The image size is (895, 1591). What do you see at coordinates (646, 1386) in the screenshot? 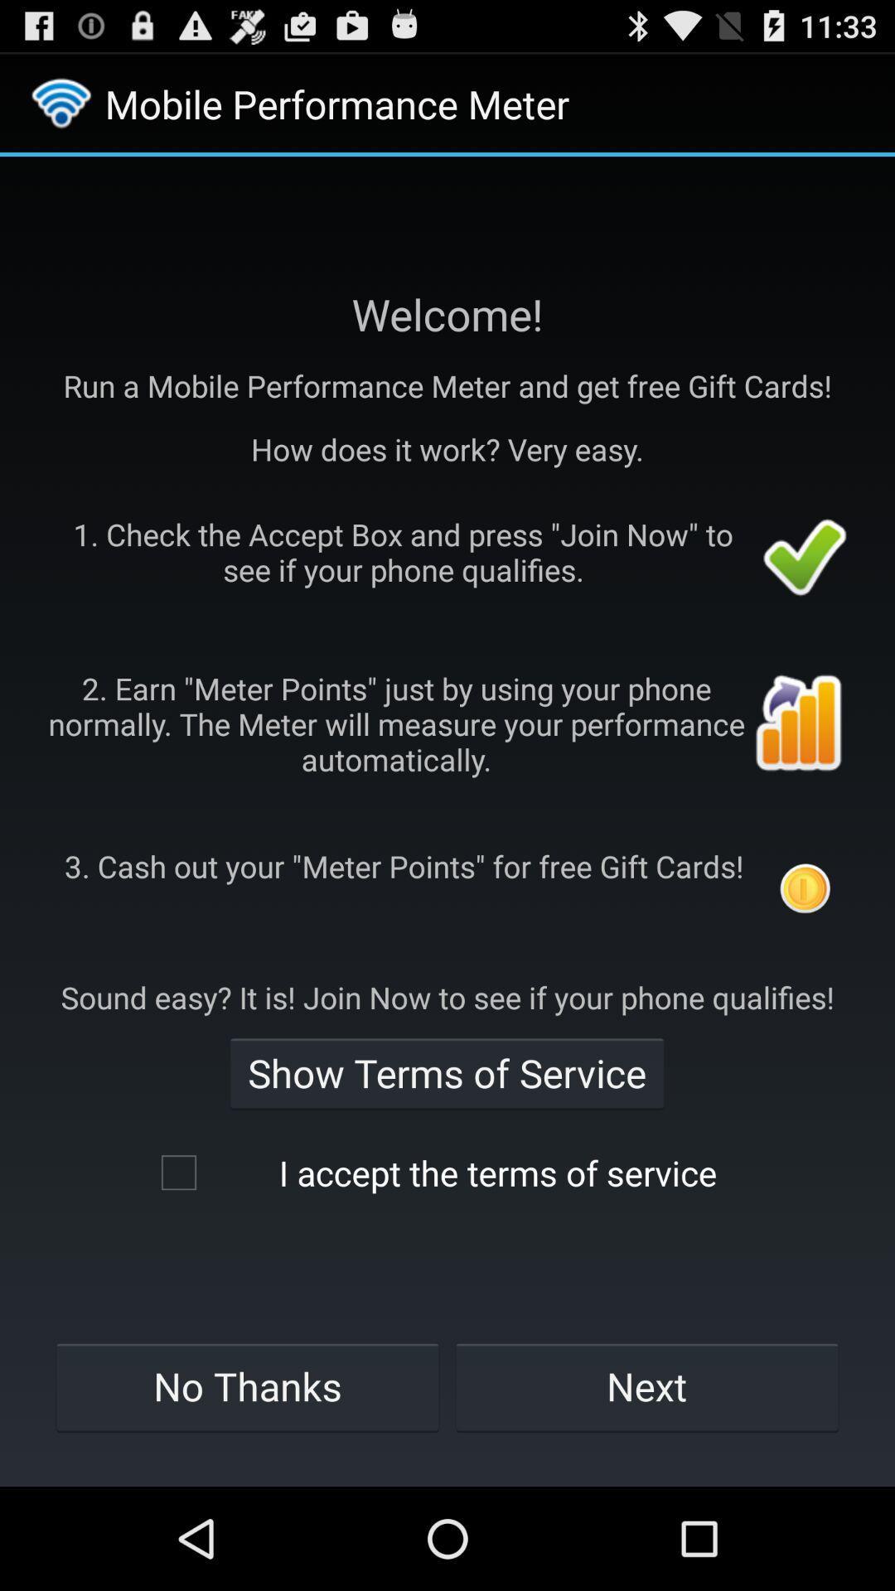
I see `icon to the right of no thanks item` at bounding box center [646, 1386].